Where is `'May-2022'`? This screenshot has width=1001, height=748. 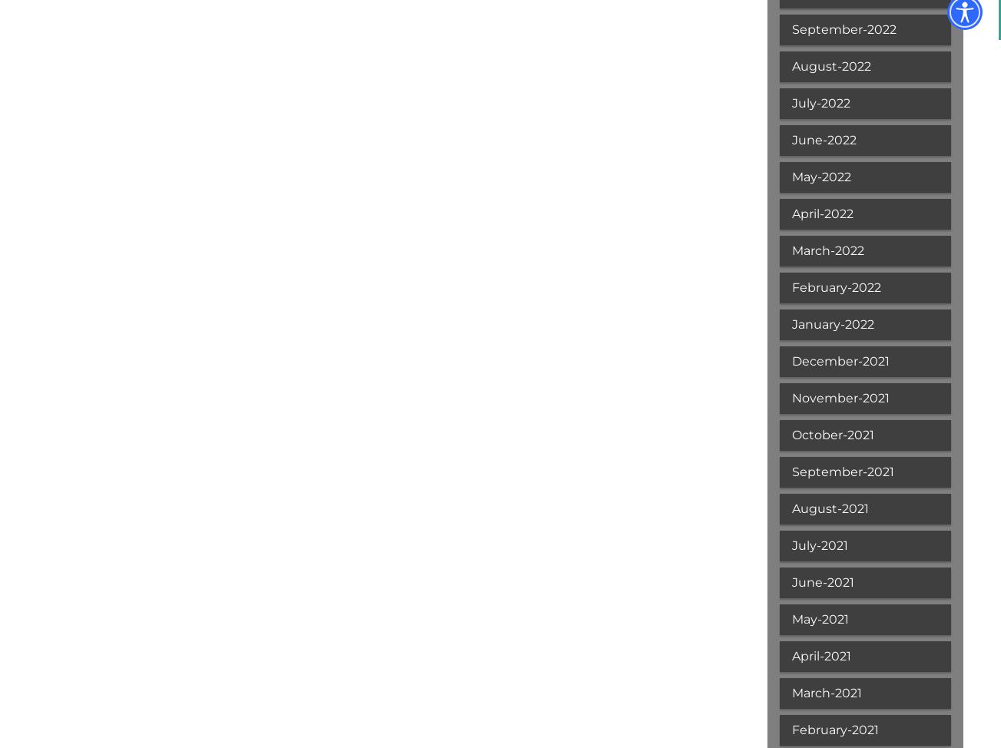
'May-2022' is located at coordinates (820, 177).